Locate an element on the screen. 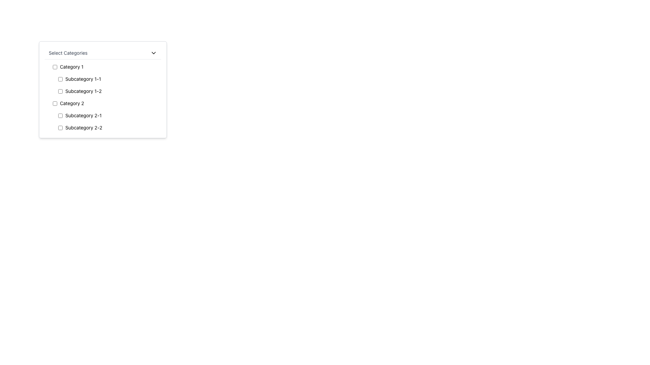 This screenshot has height=365, width=650. the checkbox for 'Subcategory 1-1' is located at coordinates (60, 79).